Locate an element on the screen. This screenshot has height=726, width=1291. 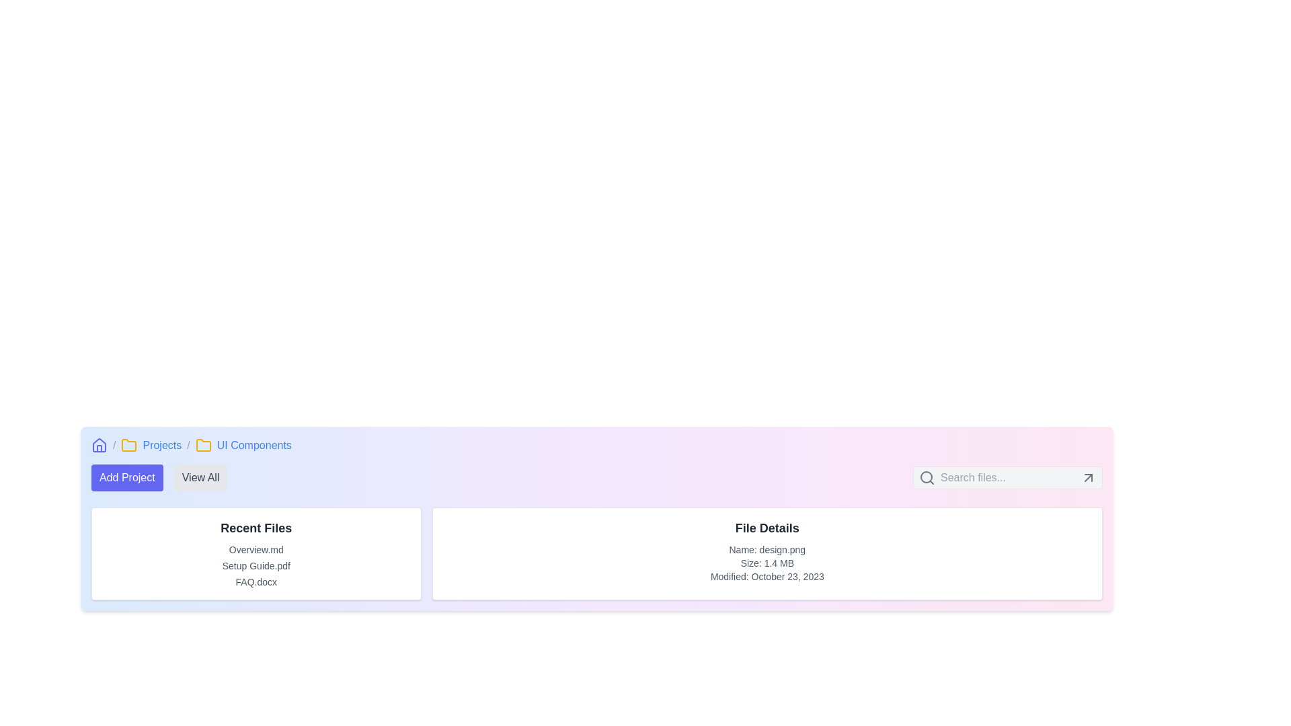
the yellow folder icon in the breadcrumb navigation, located between the '/' separator and the 'Projects' text link is located at coordinates (129, 446).